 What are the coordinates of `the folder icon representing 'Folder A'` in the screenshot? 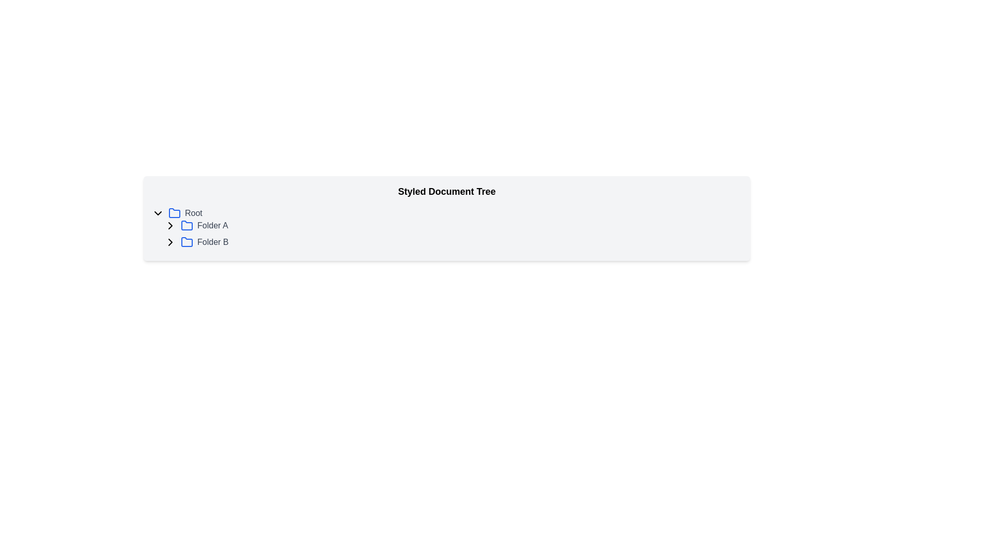 It's located at (187, 225).